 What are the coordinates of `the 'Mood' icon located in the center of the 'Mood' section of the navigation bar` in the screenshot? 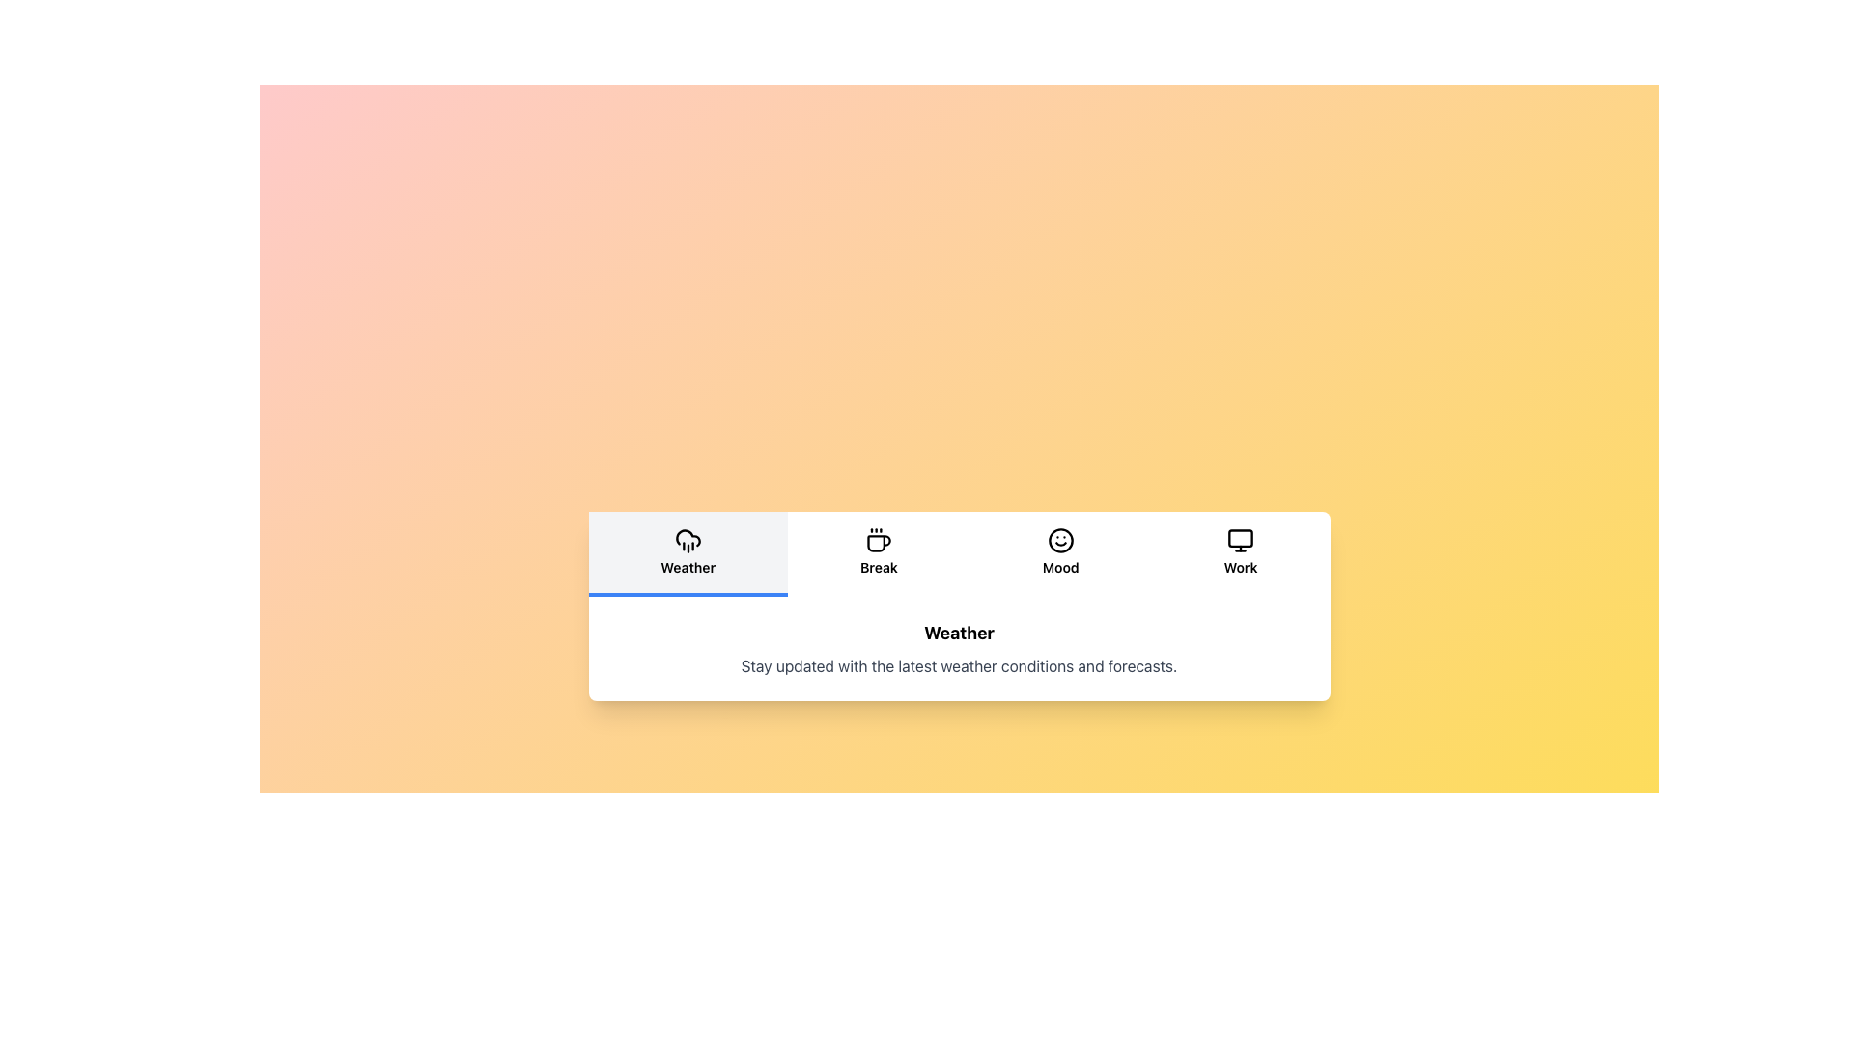 It's located at (1059, 540).